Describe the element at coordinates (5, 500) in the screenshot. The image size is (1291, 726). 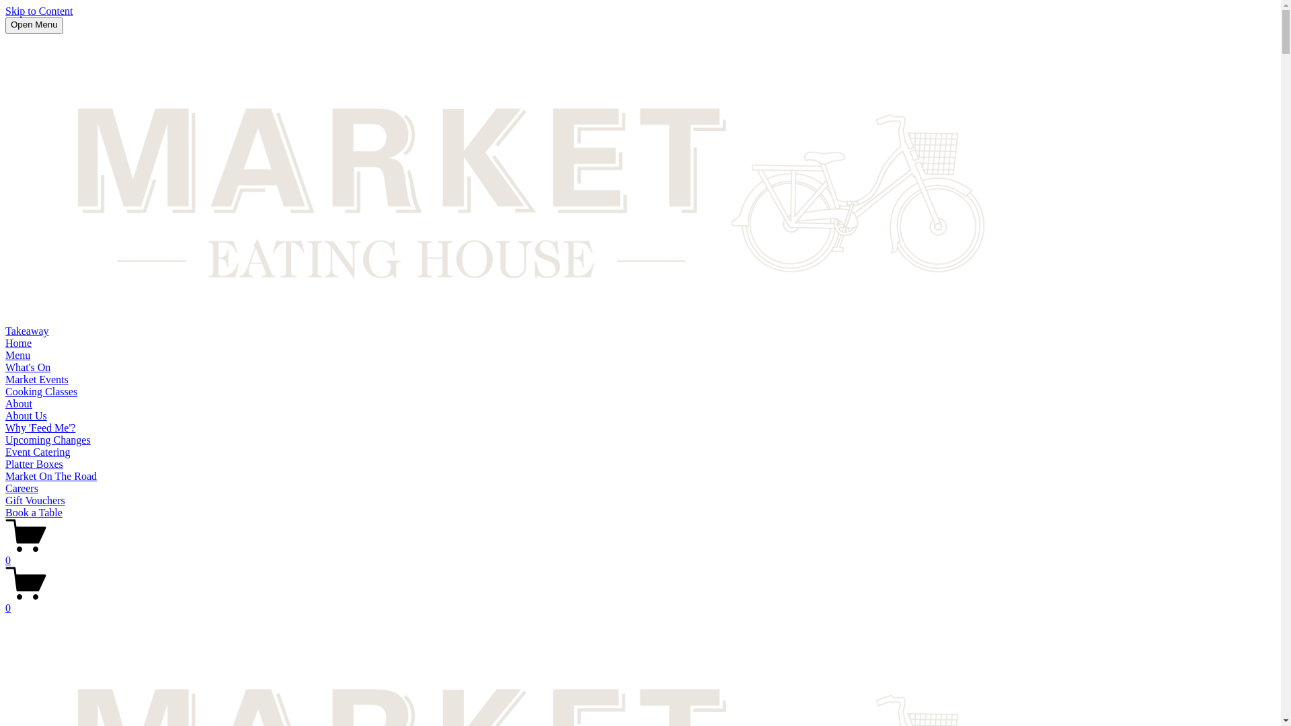
I see `'Gift Vouchers'` at that location.